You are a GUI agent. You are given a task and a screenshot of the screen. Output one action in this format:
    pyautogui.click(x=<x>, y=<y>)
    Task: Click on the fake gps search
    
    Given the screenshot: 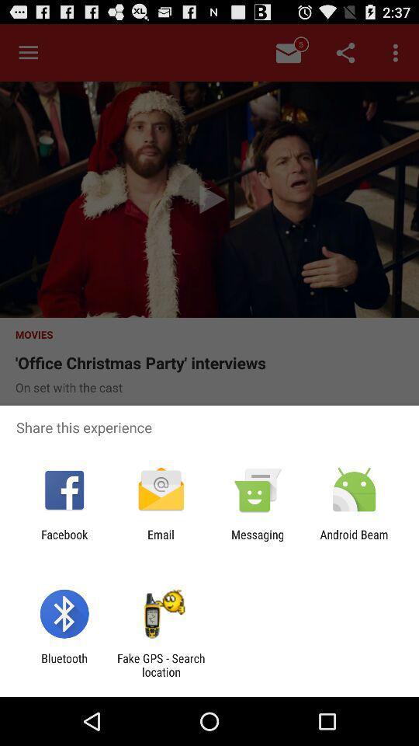 What is the action you would take?
    pyautogui.click(x=160, y=664)
    